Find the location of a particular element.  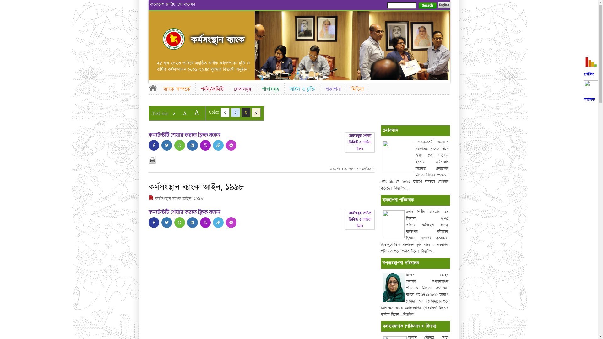

'Home' is located at coordinates (173, 39).